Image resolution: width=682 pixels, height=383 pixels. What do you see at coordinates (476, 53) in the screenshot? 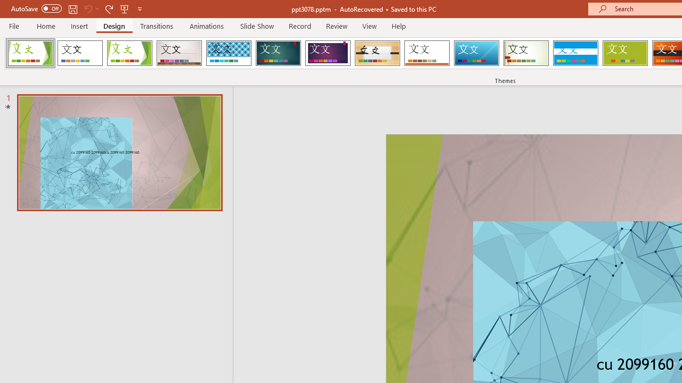
I see `'Slice Loading Preview...'` at bounding box center [476, 53].